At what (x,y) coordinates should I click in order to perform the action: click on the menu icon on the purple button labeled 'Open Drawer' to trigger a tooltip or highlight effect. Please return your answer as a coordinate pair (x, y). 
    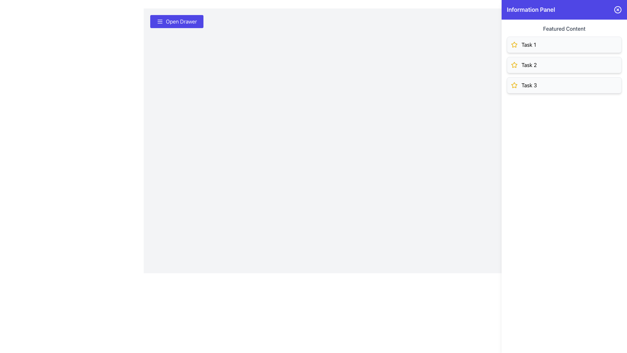
    Looking at the image, I should click on (160, 21).